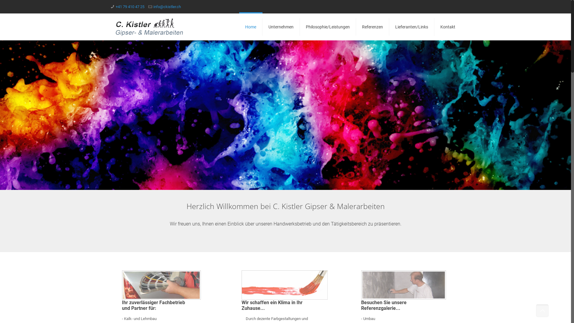 This screenshot has width=574, height=323. Describe the element at coordinates (130, 7) in the screenshot. I see `'+41 79 410 47 25'` at that location.